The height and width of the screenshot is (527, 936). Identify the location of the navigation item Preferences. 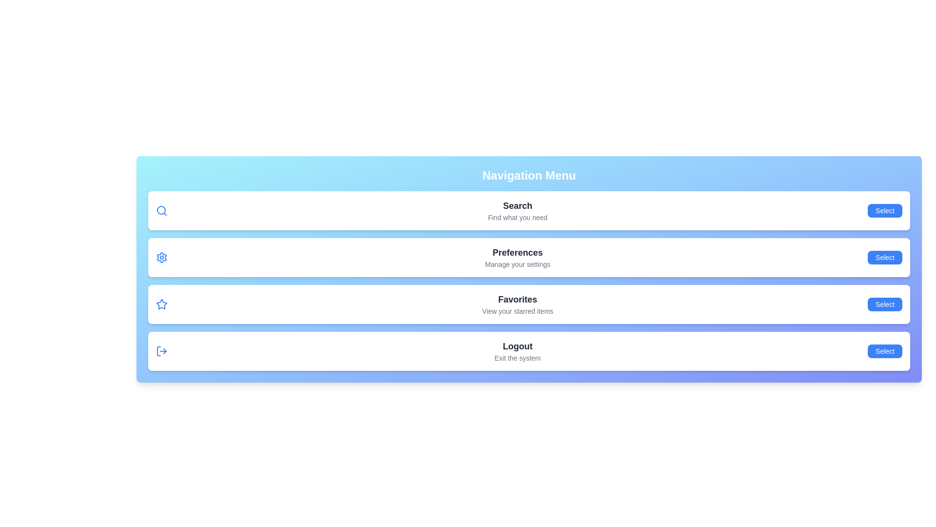
(885, 257).